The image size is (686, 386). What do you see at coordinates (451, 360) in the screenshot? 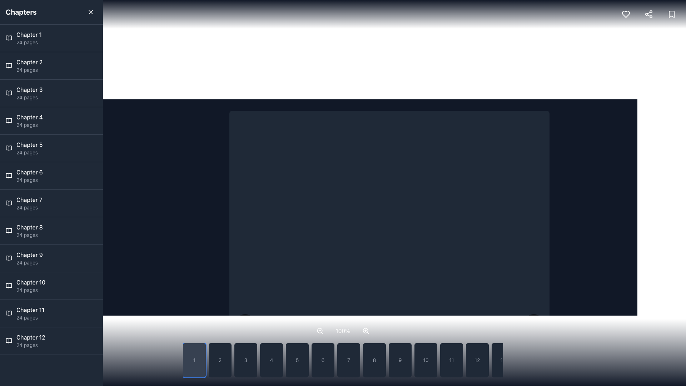
I see `the interactive button labeled '11'` at bounding box center [451, 360].